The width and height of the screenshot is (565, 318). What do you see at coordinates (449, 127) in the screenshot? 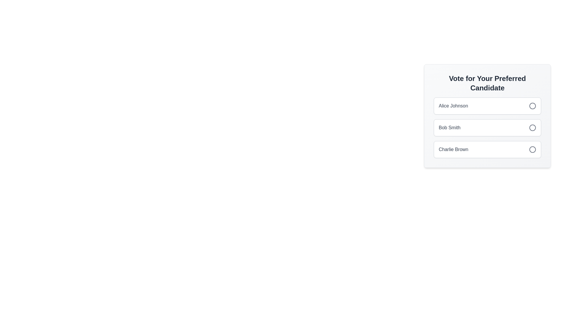
I see `the text label identifying the candidate 'Bob Smith', which is the second option in a multiple-choice interface, positioned between 'Alice Johnson' above and 'Charlie Brown' below` at bounding box center [449, 127].